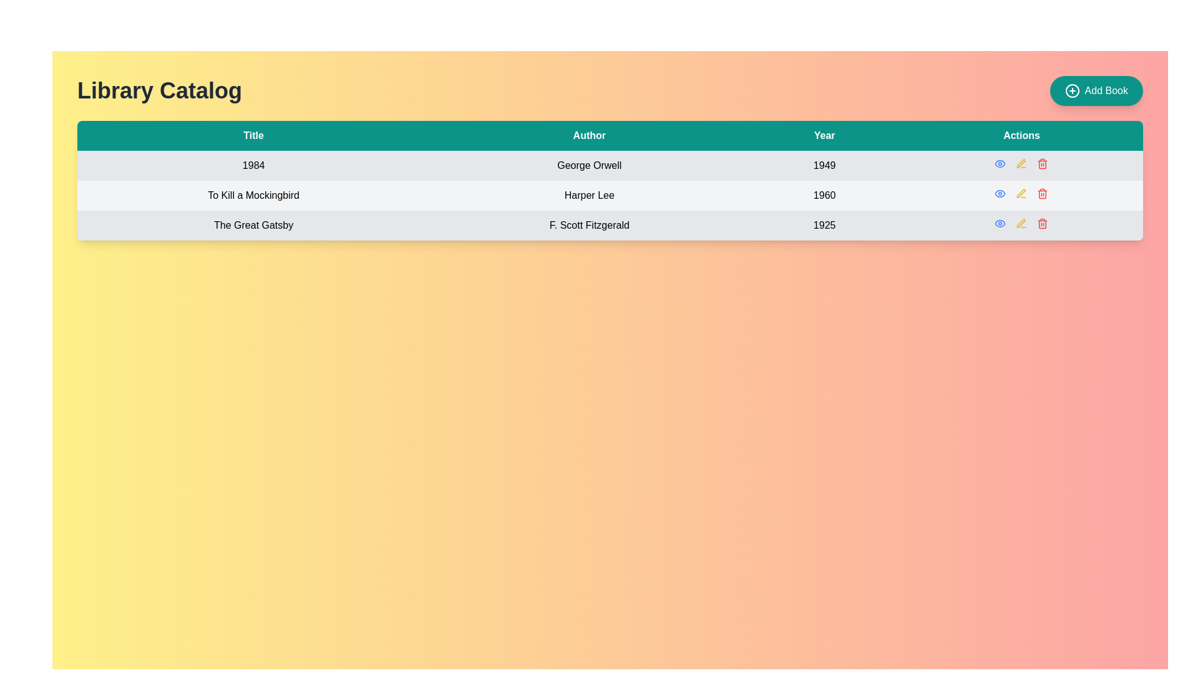  I want to click on the cell content of the first data row in the library catalog table, which includes the title, author, and publication year of a book, if it is interactive, so click(610, 165).